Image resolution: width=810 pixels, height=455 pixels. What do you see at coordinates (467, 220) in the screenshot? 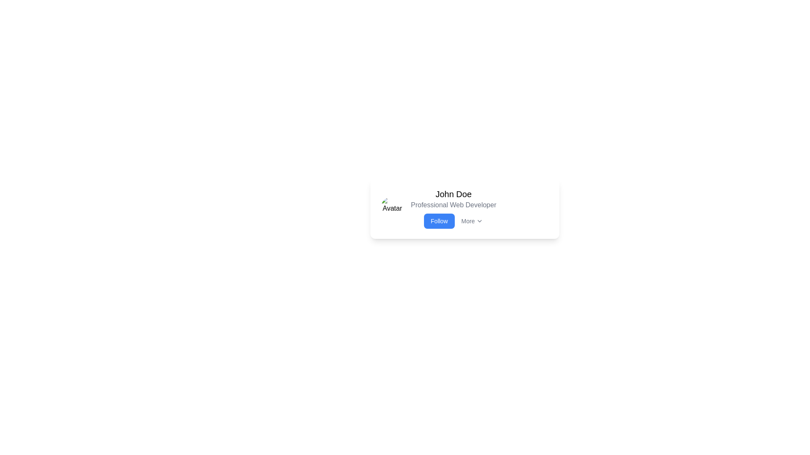
I see `text content of the descriptive Text Label located in the center-right area of the interface, next to the 'Follow' button` at bounding box center [467, 220].